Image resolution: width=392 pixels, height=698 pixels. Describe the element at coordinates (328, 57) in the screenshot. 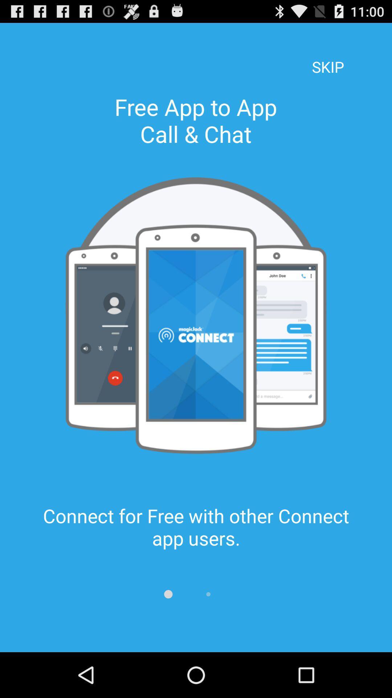

I see `the skip at the top right corner` at that location.